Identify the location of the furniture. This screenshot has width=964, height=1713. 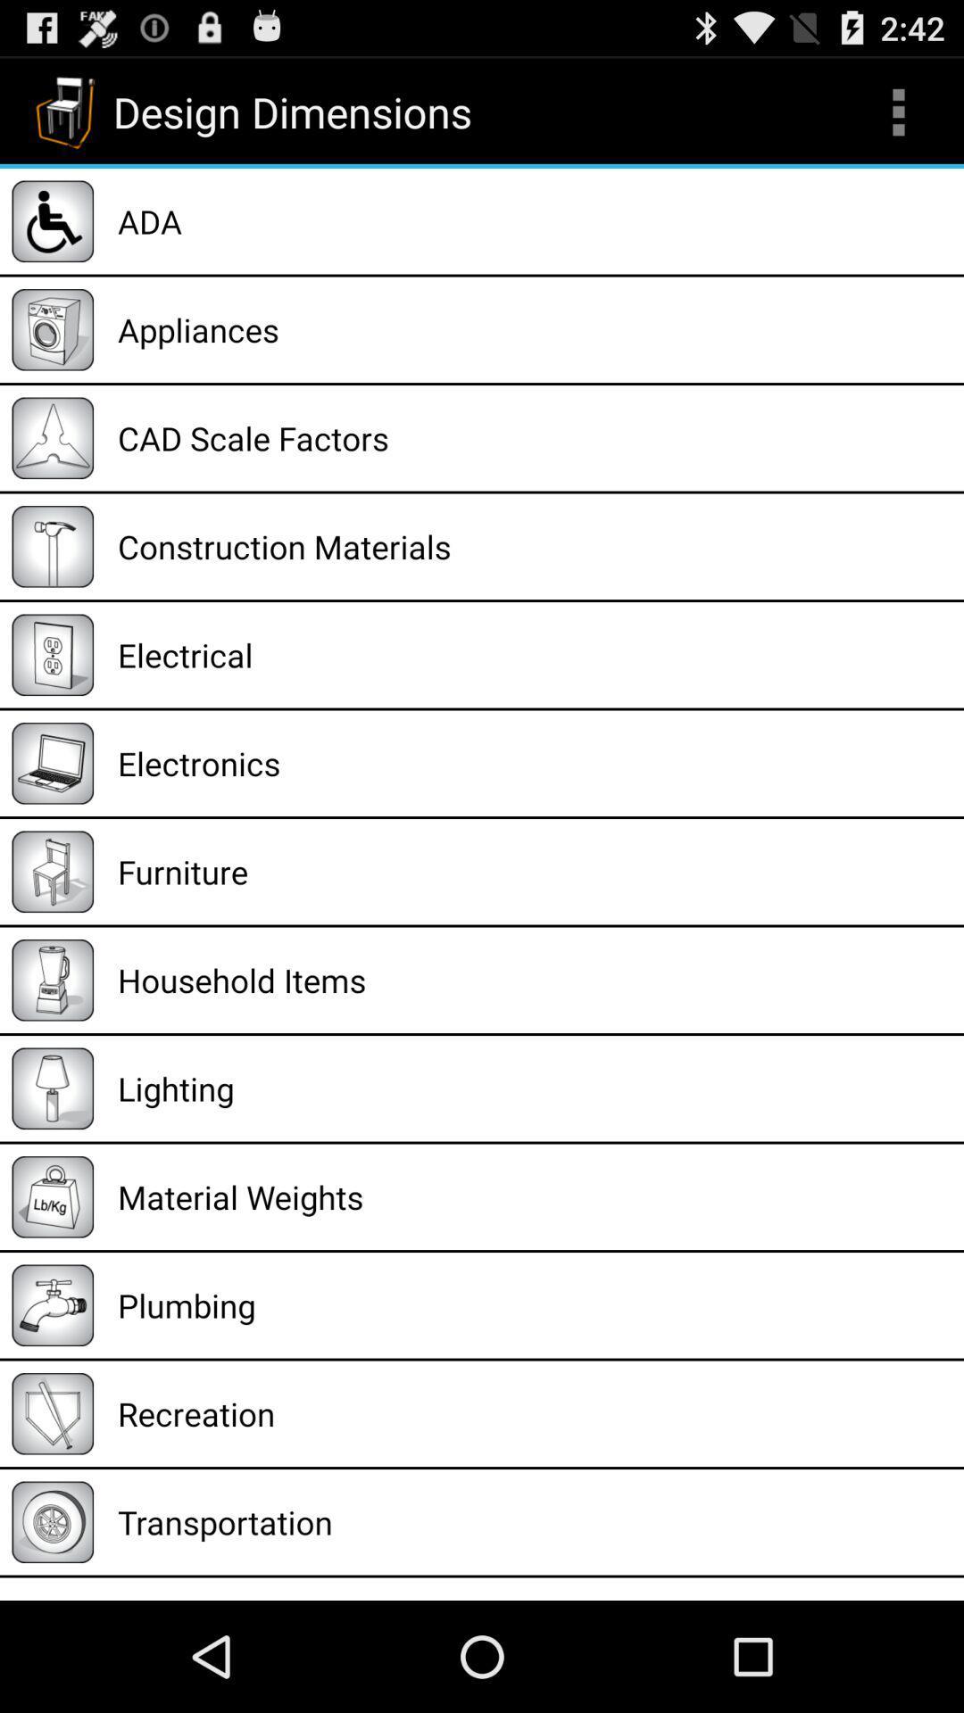
(534, 872).